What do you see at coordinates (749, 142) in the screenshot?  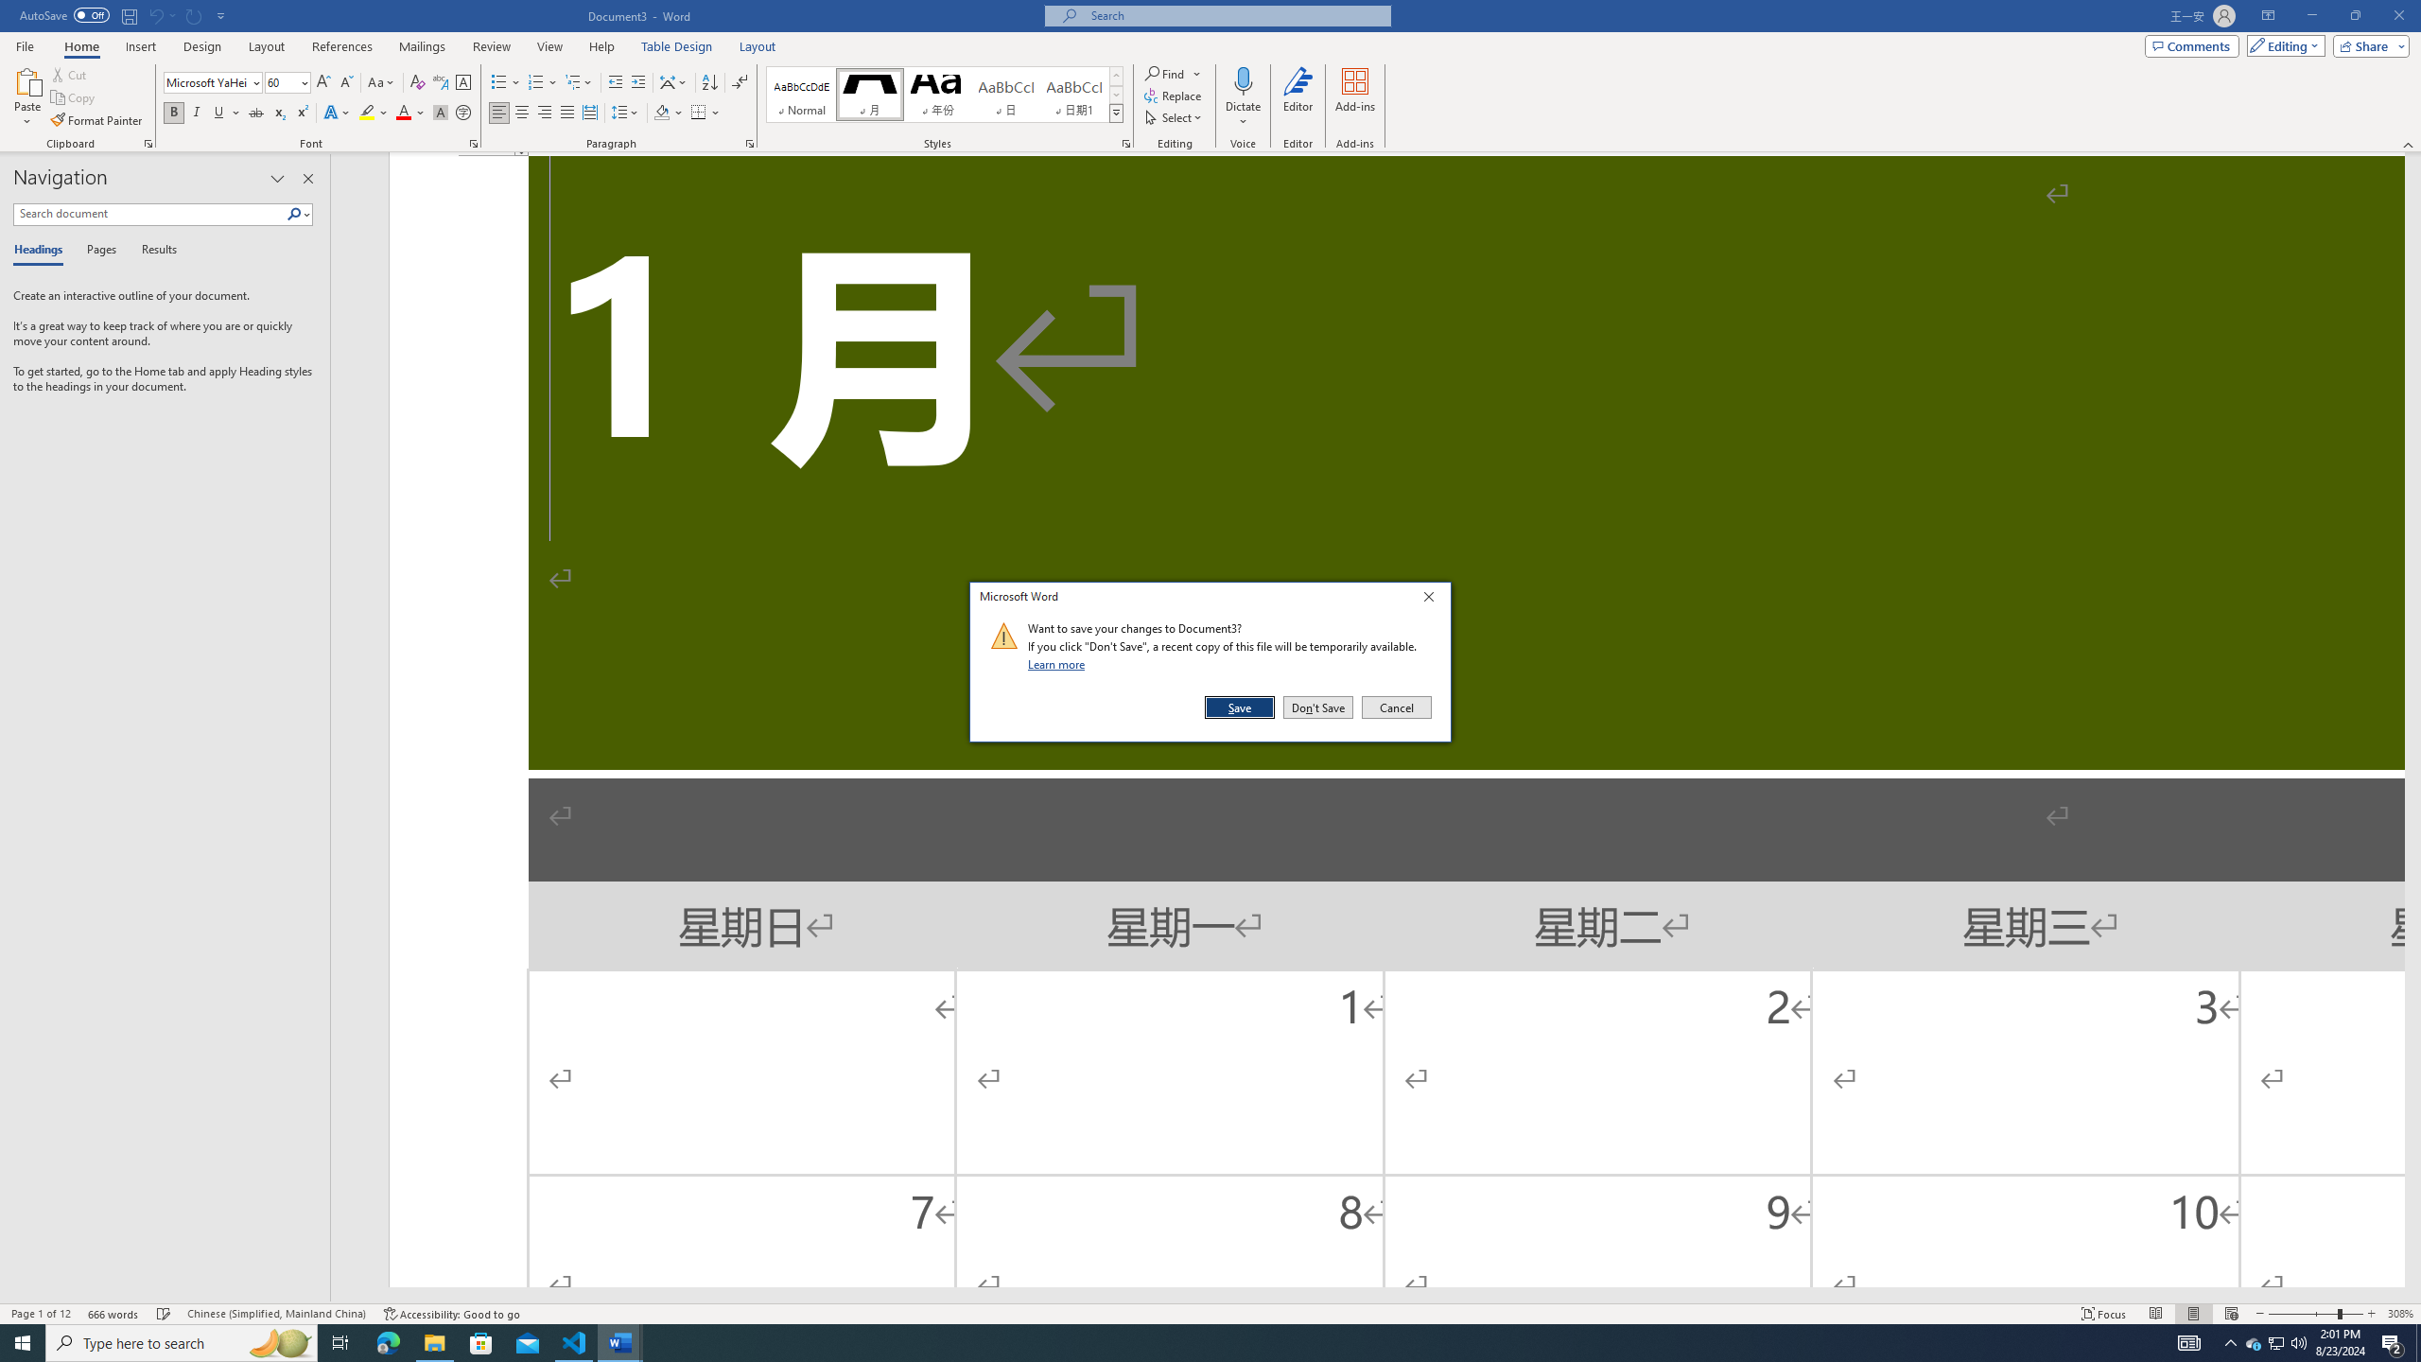 I see `'Paragraph...'` at bounding box center [749, 142].